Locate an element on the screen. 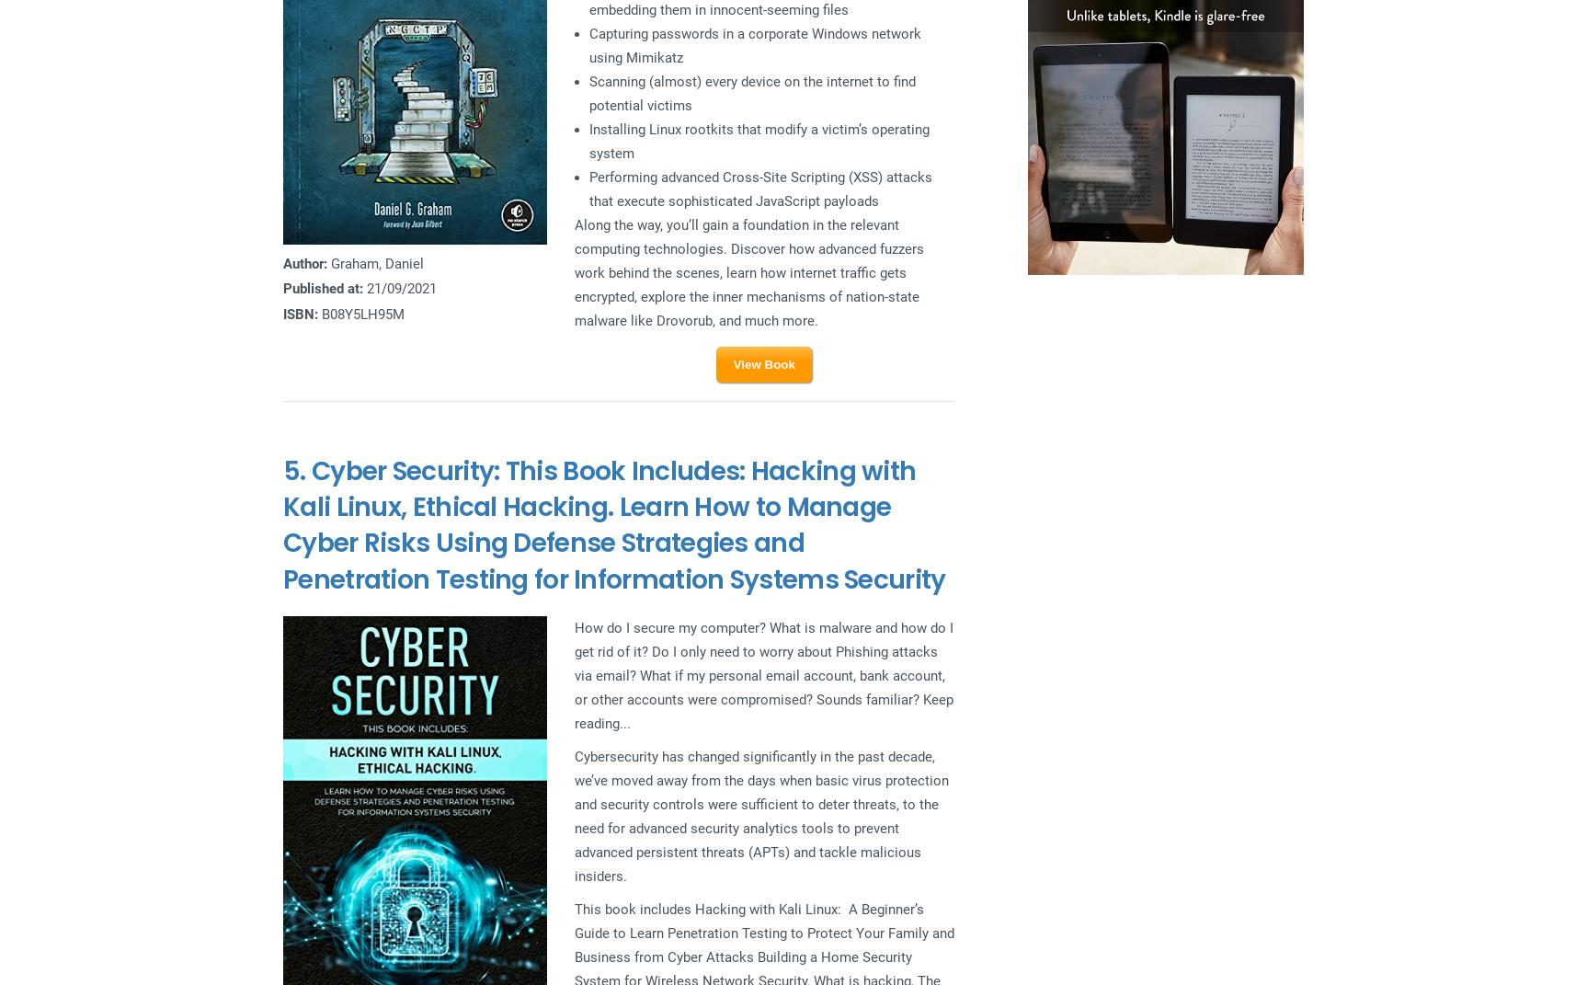  'How do I secure my computer? What is malware and how do I
get rid of it? Do I only need to worry about Phishing attacks via email? What
if my personal email account, bank account, or other accounts were compromised?
Sounds familiar? Keep reading...' is located at coordinates (762, 674).